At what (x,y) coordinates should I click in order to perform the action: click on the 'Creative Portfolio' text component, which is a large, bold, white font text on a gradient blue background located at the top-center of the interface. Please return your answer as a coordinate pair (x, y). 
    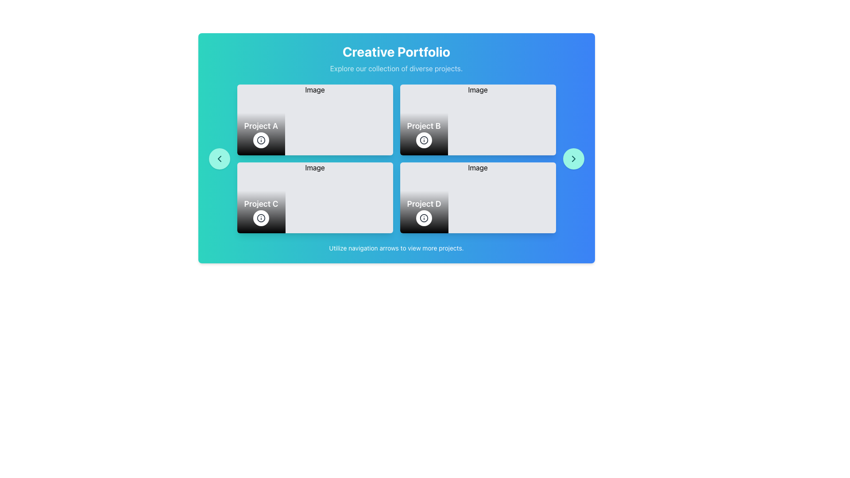
    Looking at the image, I should click on (396, 51).